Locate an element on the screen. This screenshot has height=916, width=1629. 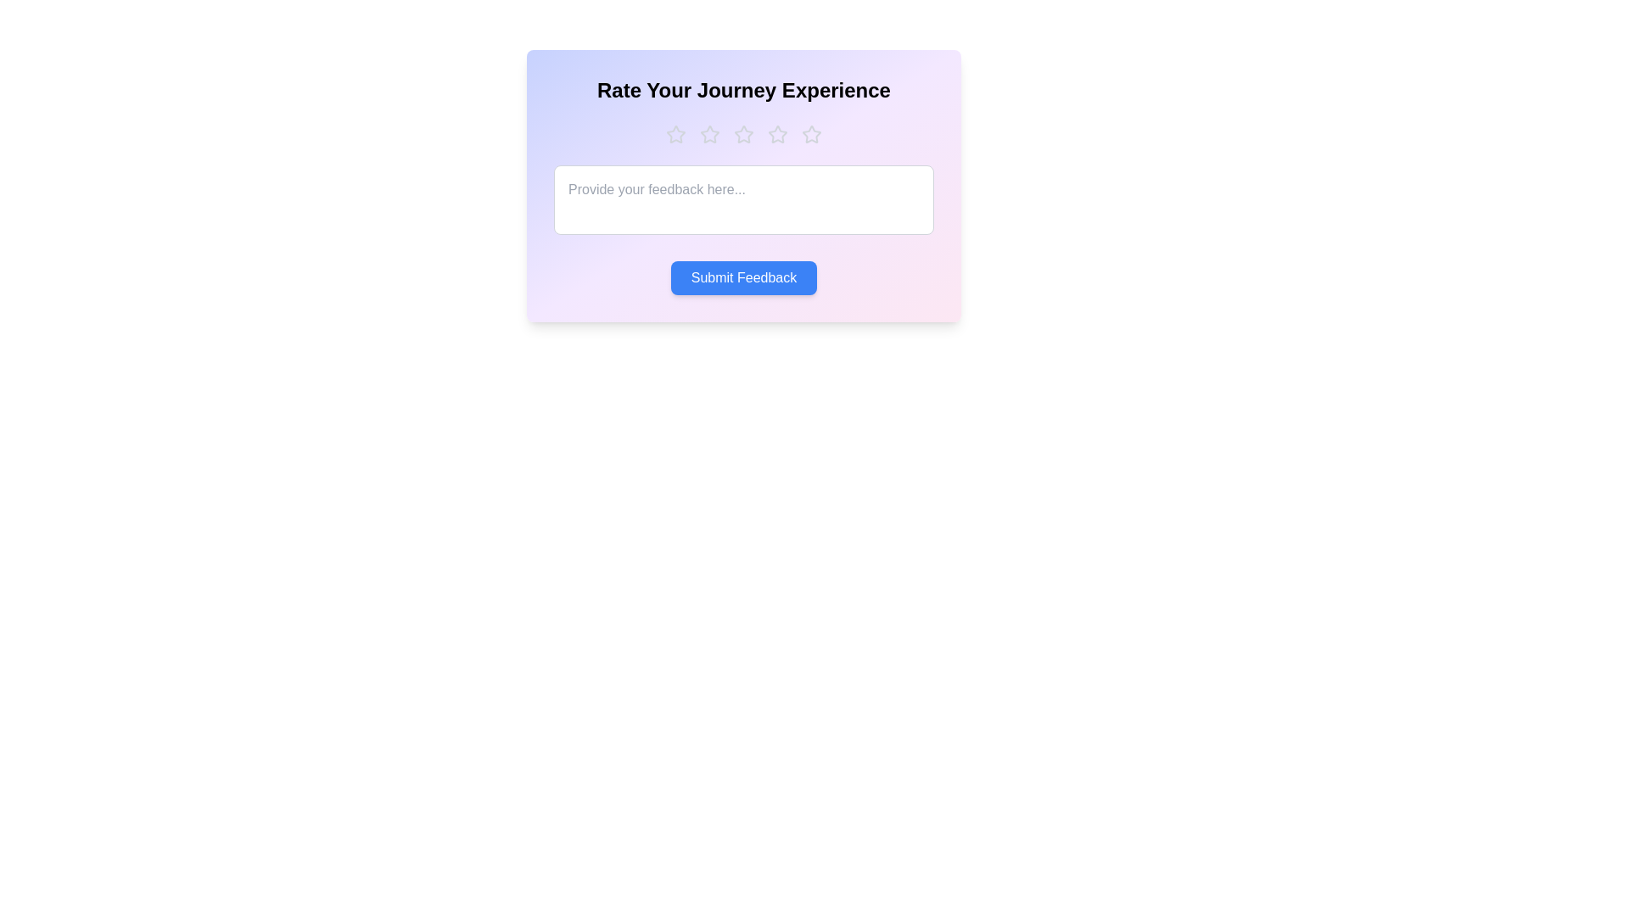
the 'Submit Feedback' button to submit the feedback is located at coordinates (744, 276).